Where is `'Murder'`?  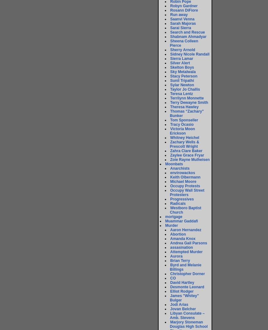
'Murder' is located at coordinates (171, 226).